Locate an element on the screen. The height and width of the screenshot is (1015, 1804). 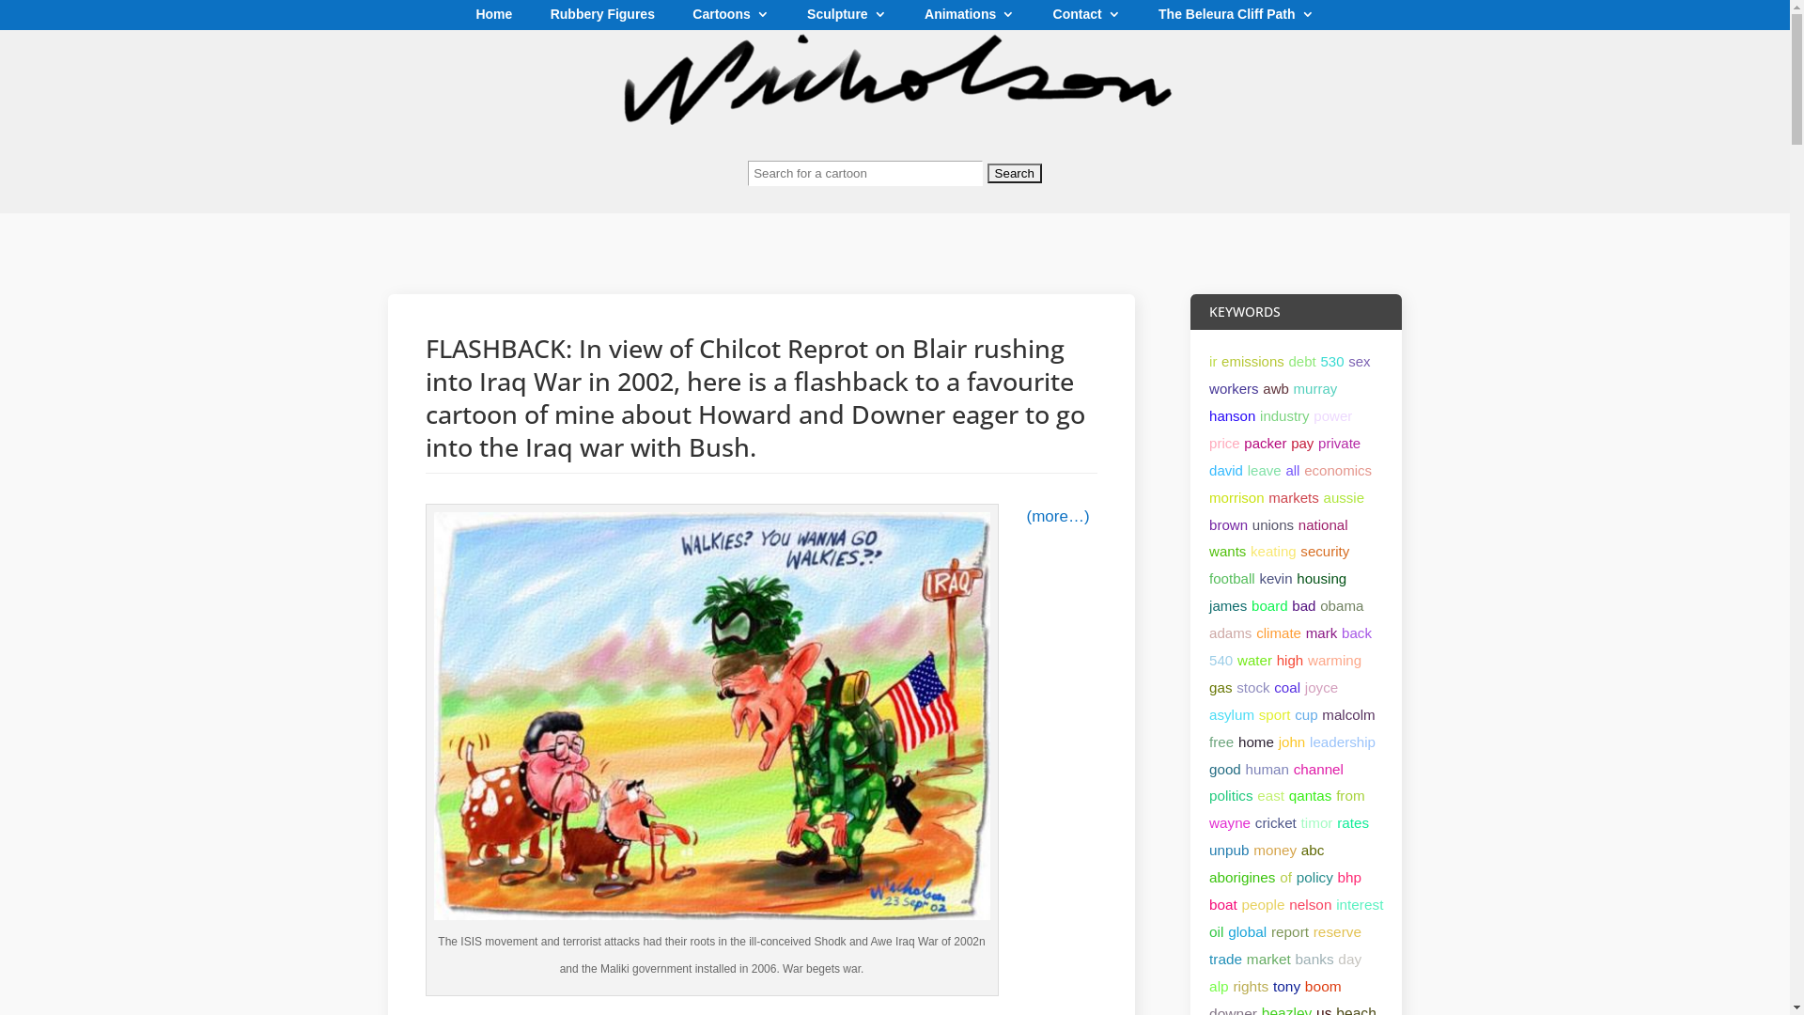
'unions' is located at coordinates (1272, 524).